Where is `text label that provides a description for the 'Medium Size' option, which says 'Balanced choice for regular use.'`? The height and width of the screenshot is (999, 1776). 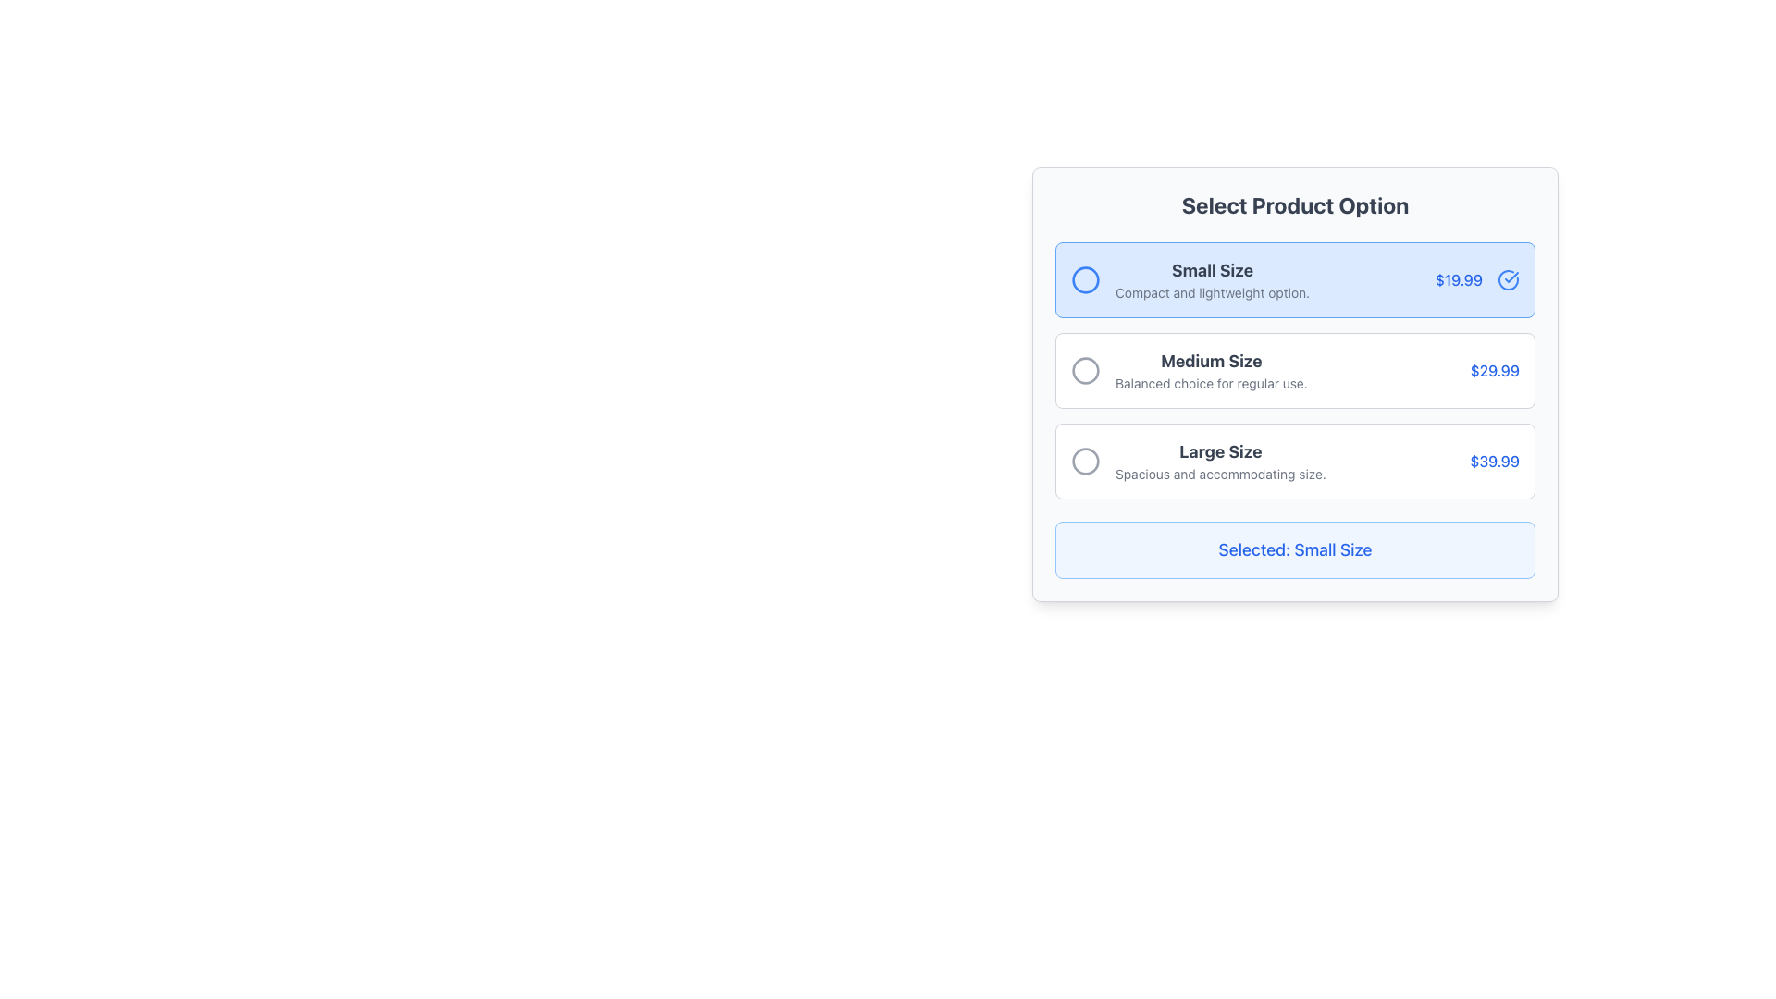 text label that provides a description for the 'Medium Size' option, which says 'Balanced choice for regular use.' is located at coordinates (1211, 383).